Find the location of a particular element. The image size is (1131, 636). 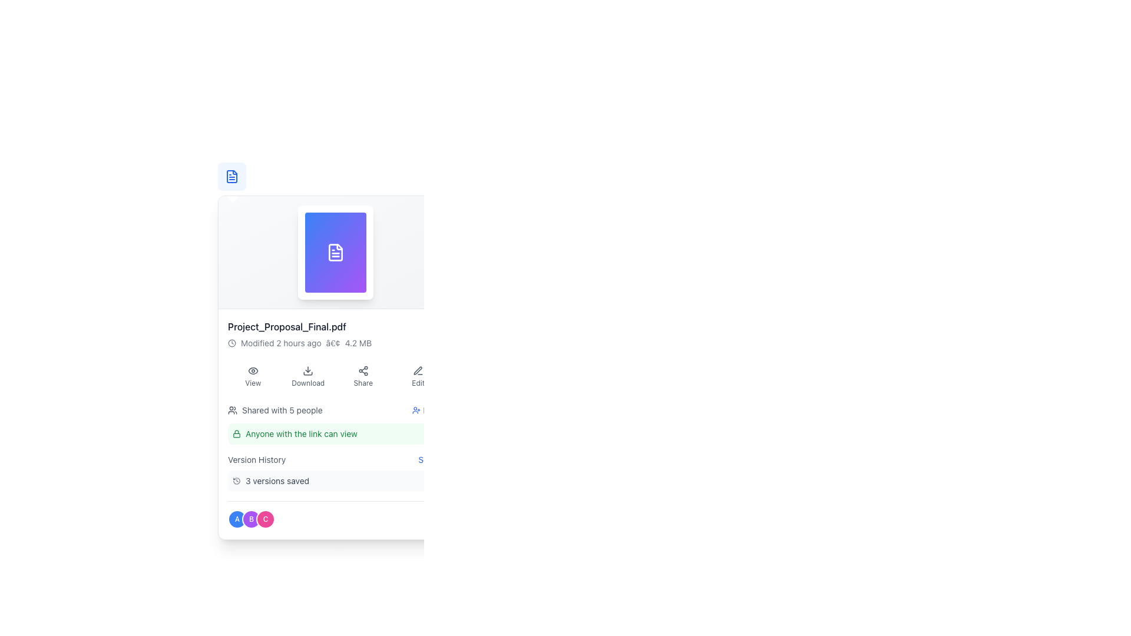

the text label displaying the word 'View', which is styled with a small font size and gray color, located underneath an eye icon in the vertical group is located at coordinates (252, 383).